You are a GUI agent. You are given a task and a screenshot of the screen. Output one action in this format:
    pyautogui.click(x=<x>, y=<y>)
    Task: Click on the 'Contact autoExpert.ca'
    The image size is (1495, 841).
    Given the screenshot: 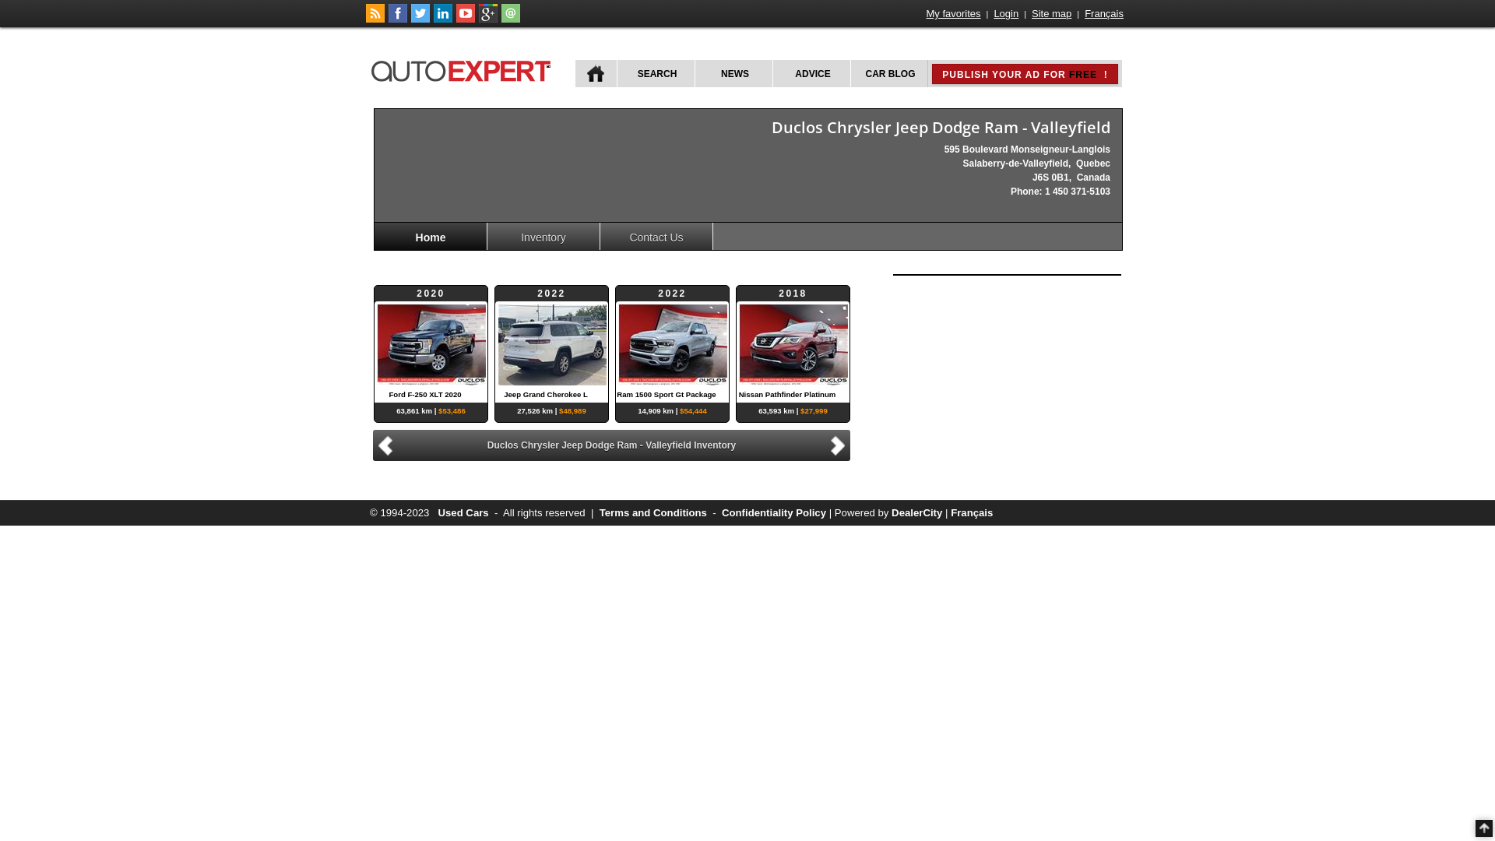 What is the action you would take?
    pyautogui.click(x=511, y=19)
    